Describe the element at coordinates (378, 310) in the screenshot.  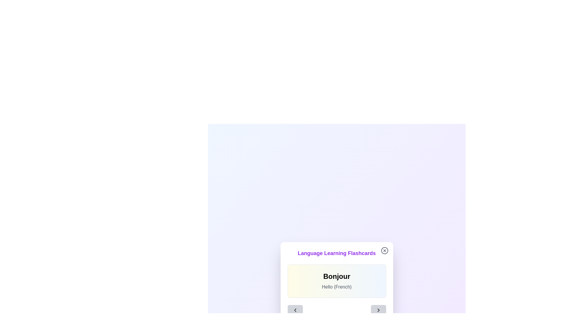
I see `the navigation control icon located at the bottom-right of the flashcard modal interface` at that location.